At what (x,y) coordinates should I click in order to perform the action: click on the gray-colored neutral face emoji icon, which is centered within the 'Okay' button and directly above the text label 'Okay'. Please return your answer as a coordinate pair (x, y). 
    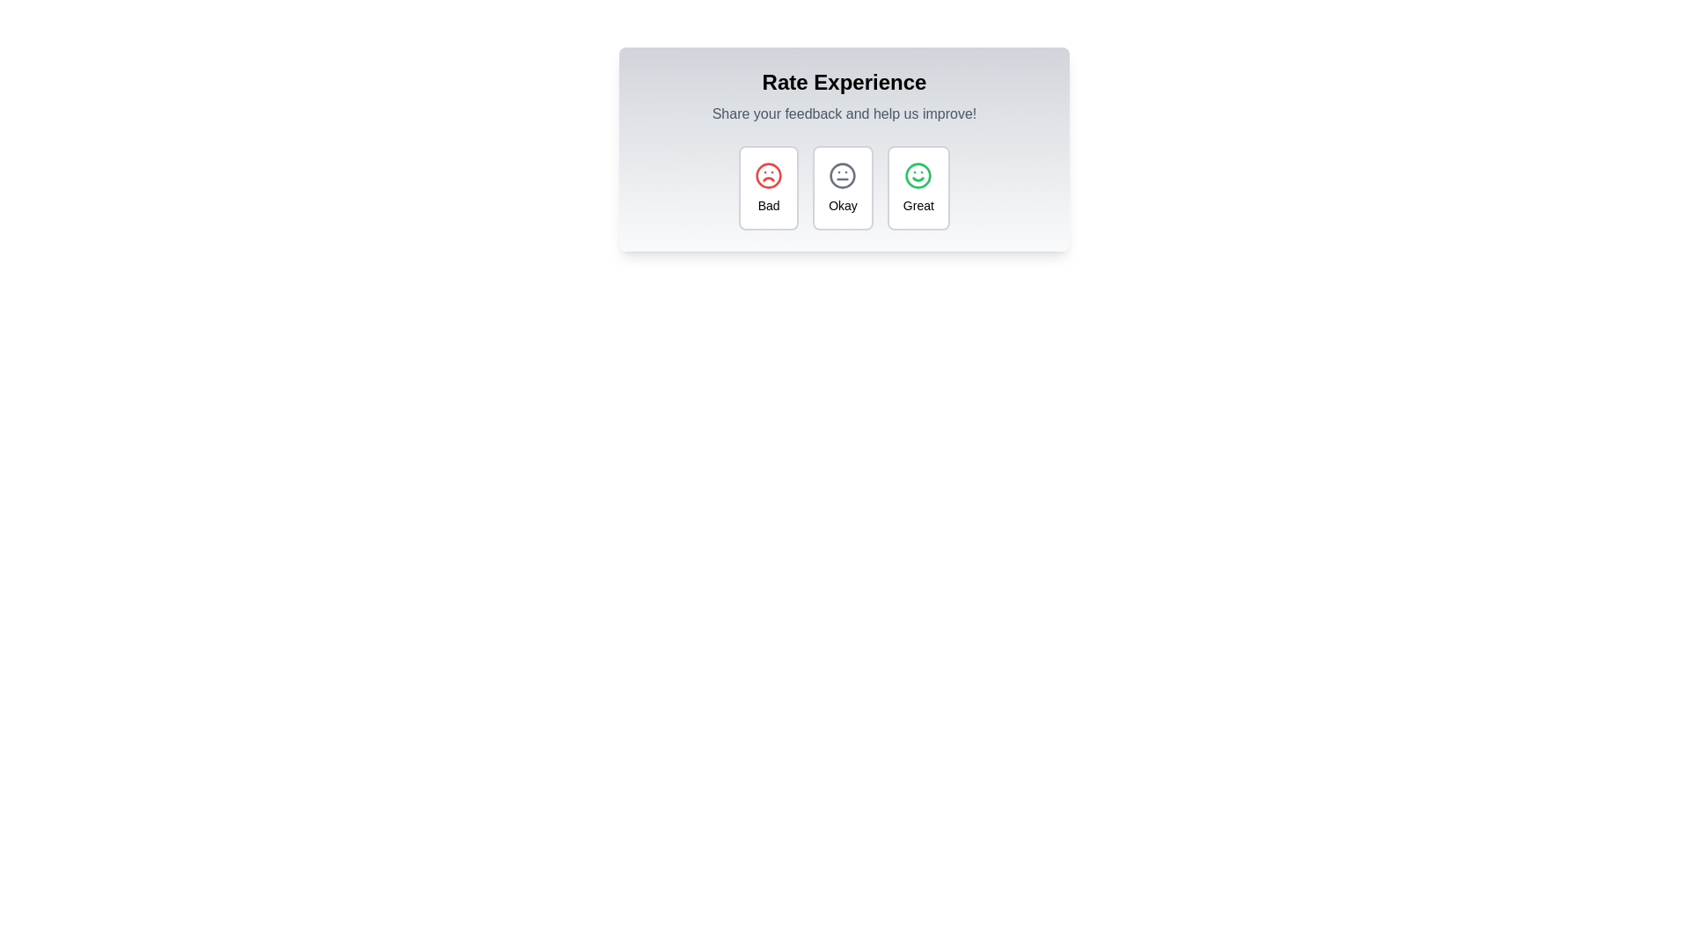
    Looking at the image, I should click on (842, 176).